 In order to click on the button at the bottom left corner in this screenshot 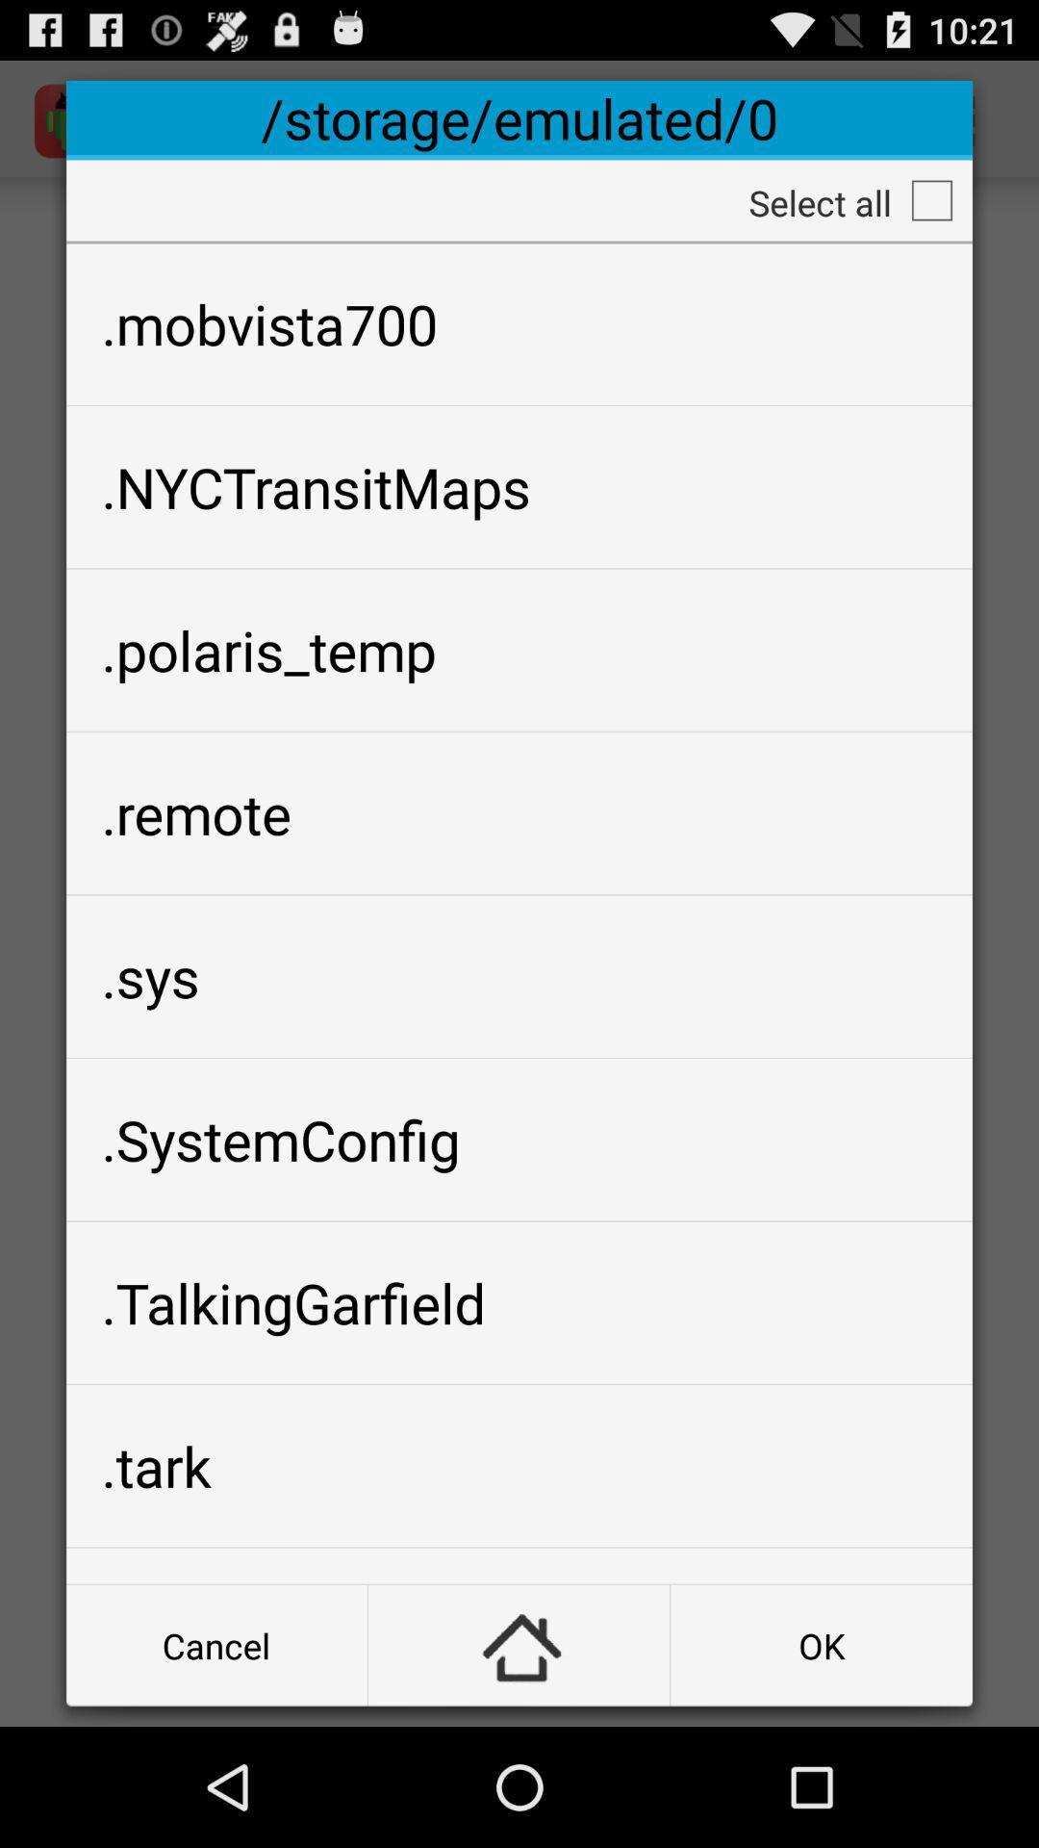, I will do `click(216, 1644)`.